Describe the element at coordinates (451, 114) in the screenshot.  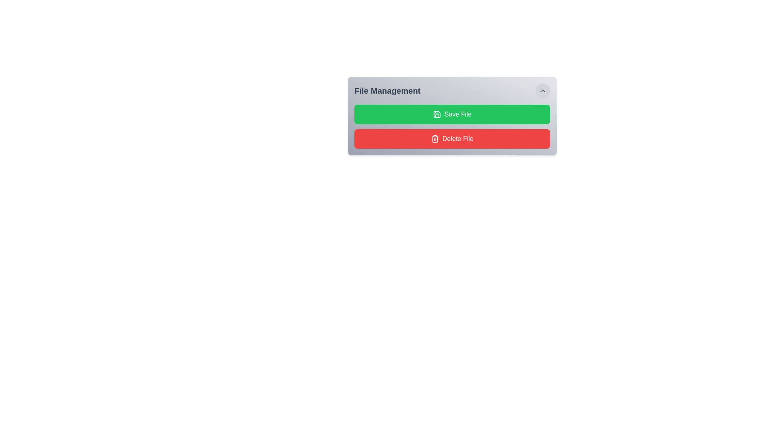
I see `the green 'Save File' button with white text and a save icon, located in the 'File Management' section, to initiate the save file action` at that location.